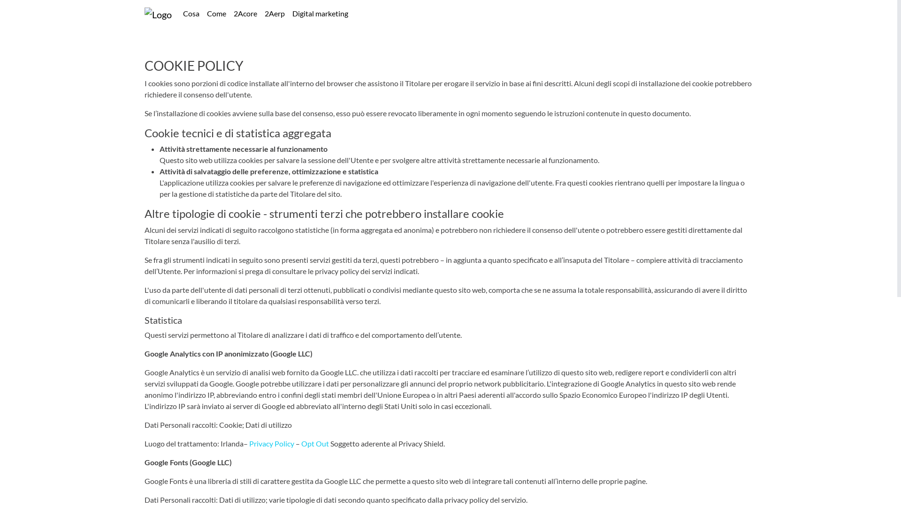 This screenshot has height=506, width=901. I want to click on 'Opt Out', so click(315, 443).